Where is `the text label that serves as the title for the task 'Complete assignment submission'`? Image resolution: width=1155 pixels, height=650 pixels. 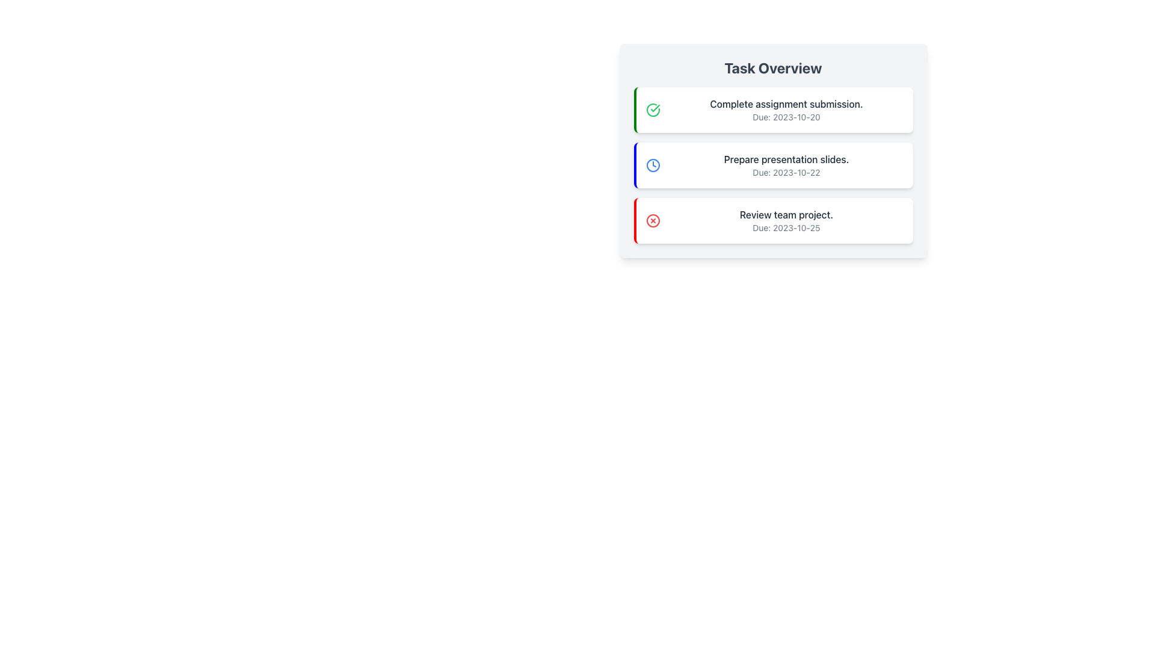
the text label that serves as the title for the task 'Complete assignment submission' is located at coordinates (786, 104).